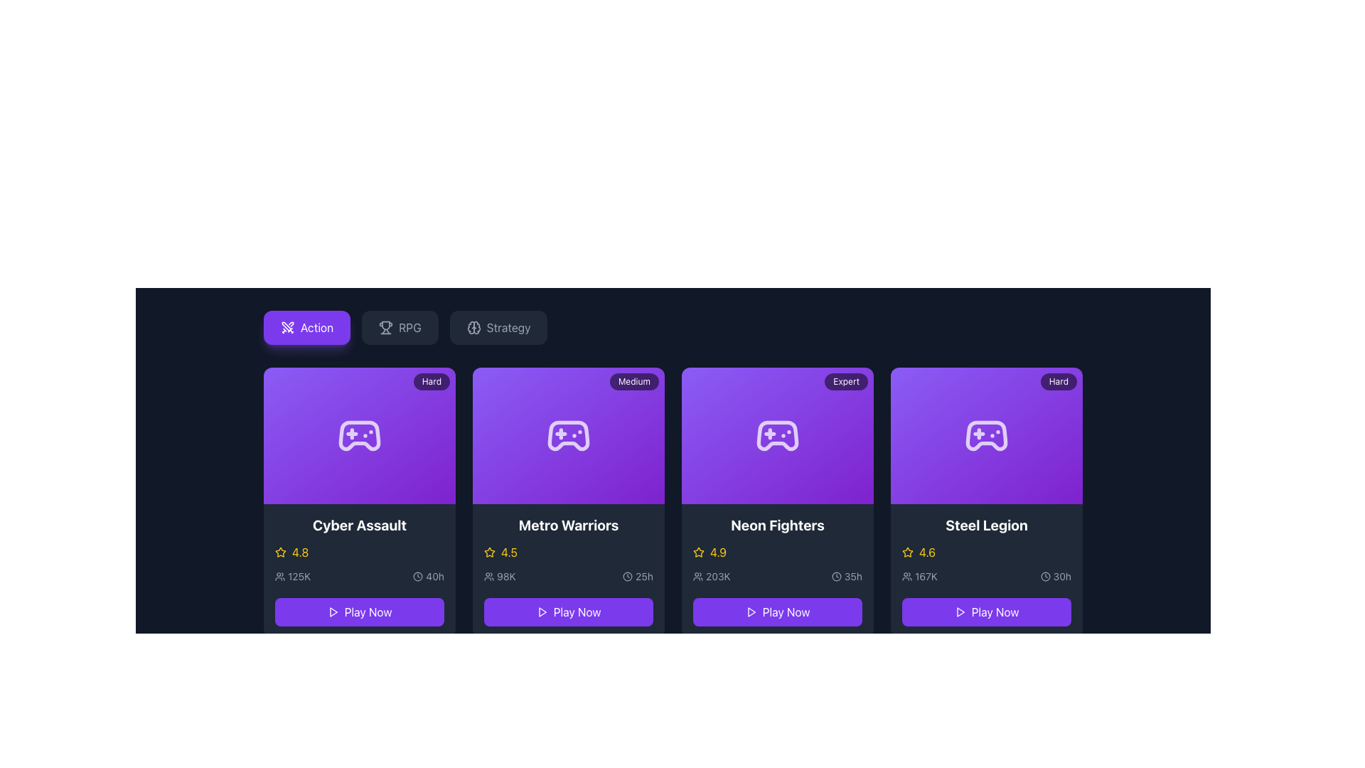  Describe the element at coordinates (359, 435) in the screenshot. I see `the decorative header icon for the 'Cyber Assault' card, which is located at the top part of the card and represents gaming content` at that location.